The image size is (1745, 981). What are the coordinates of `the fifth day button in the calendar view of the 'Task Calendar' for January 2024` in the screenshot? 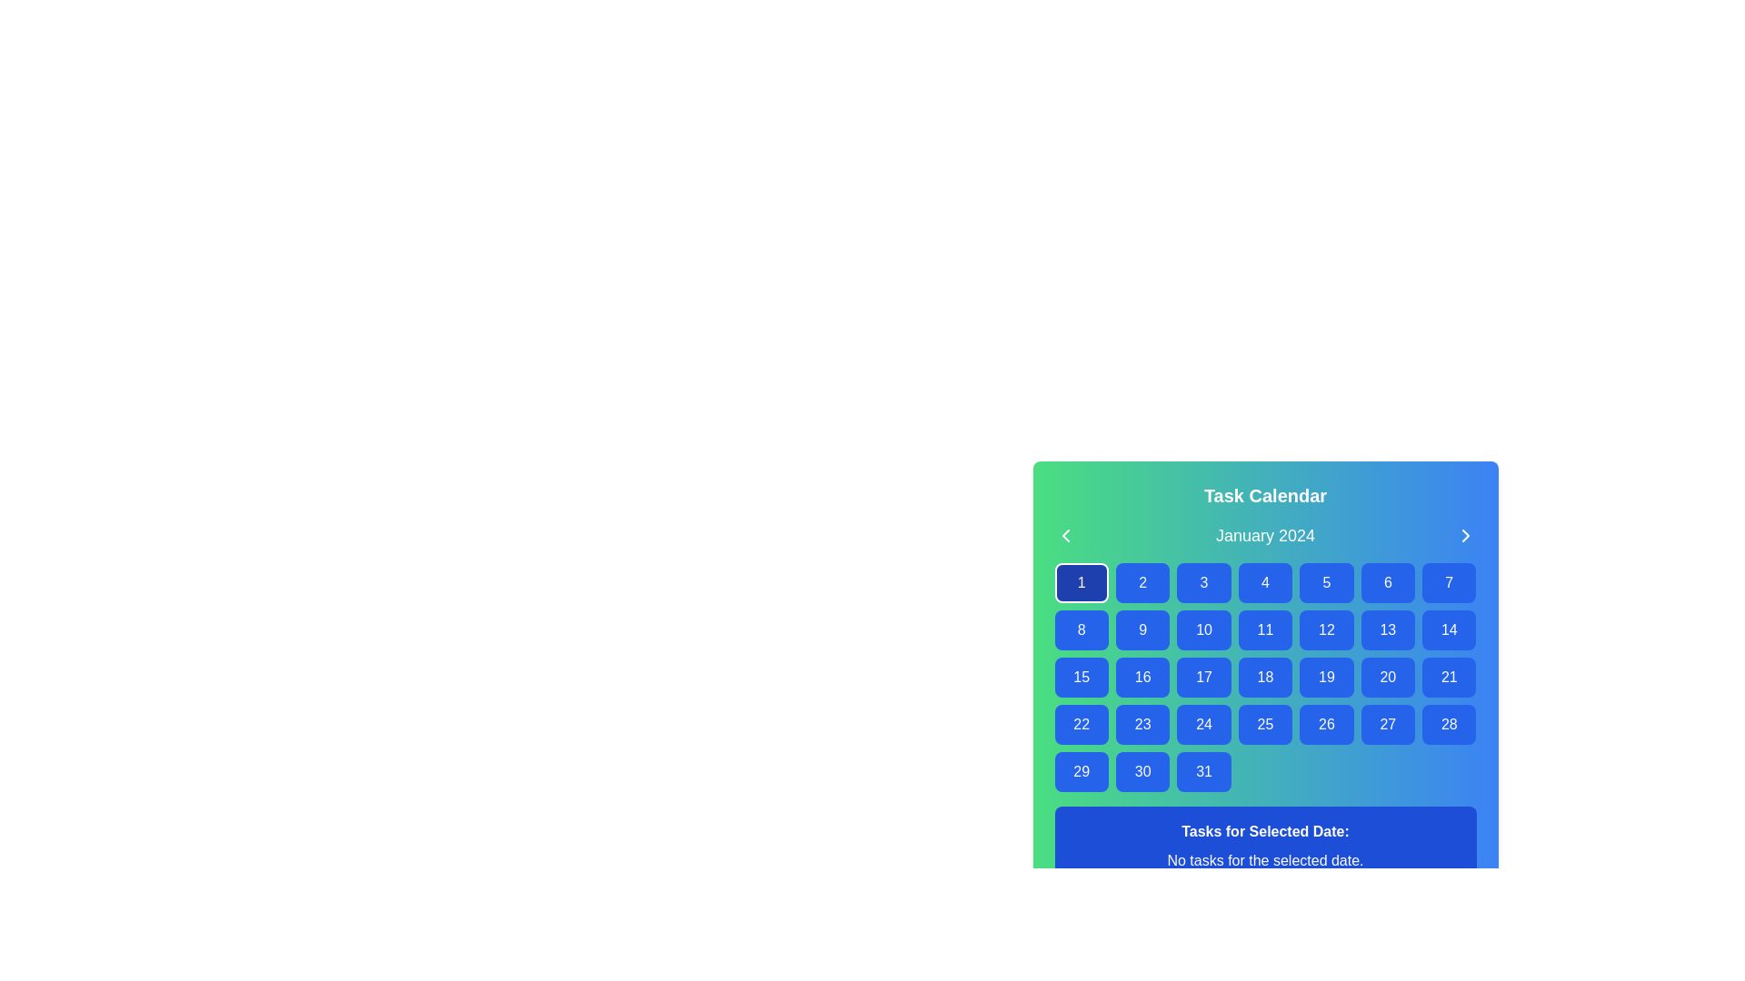 It's located at (1326, 582).